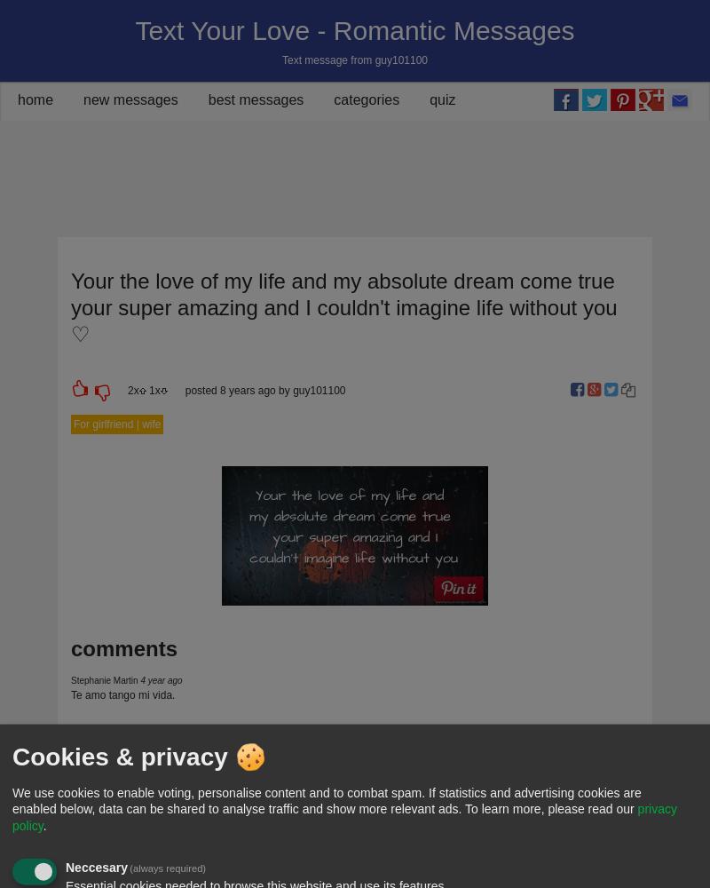  Describe the element at coordinates (442, 99) in the screenshot. I see `'quiz'` at that location.